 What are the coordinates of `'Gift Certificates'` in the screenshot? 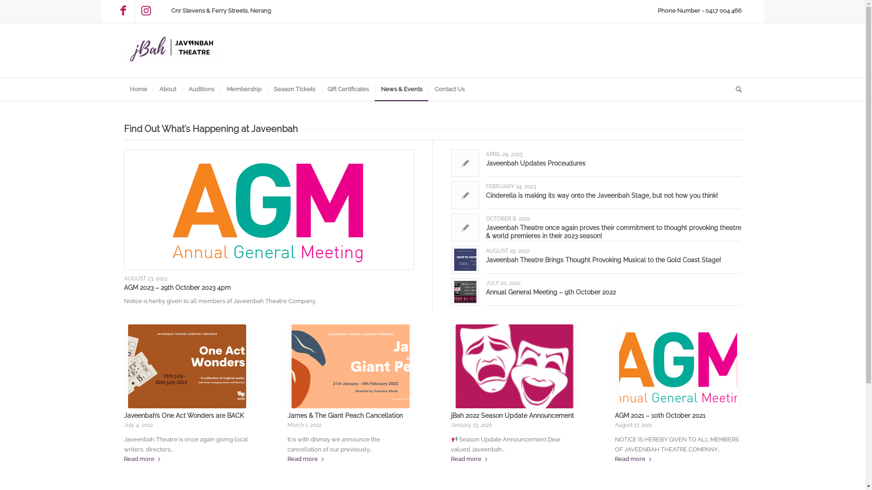 It's located at (347, 89).